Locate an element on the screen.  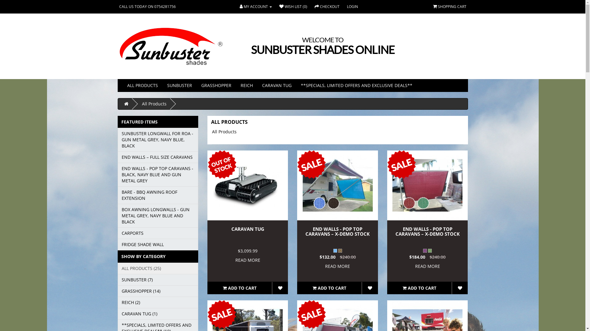
'SUNBUSTER (7)' is located at coordinates (158, 280).